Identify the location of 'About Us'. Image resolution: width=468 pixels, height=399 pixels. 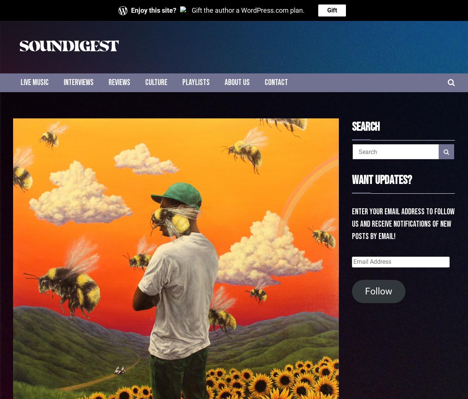
(224, 82).